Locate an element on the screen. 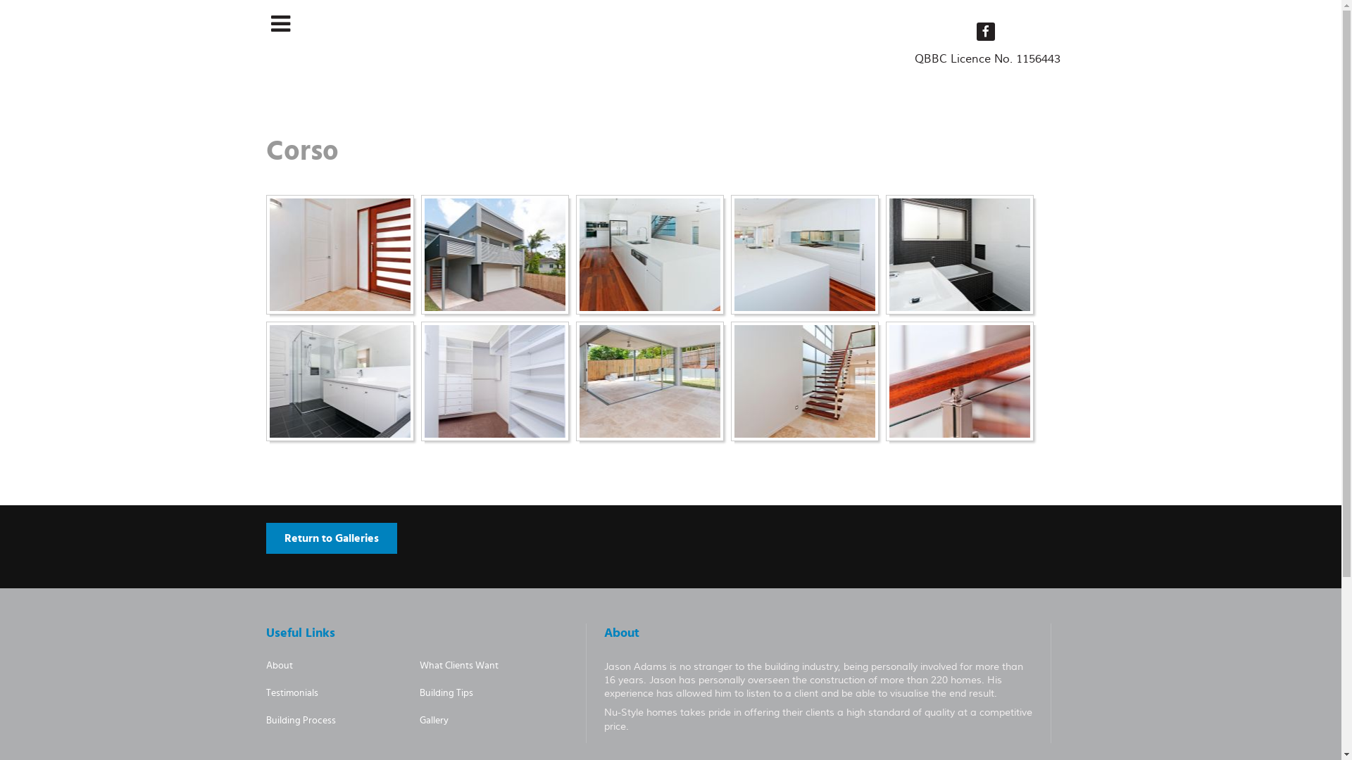 Image resolution: width=1352 pixels, height=760 pixels. 'Return to Galleries' is located at coordinates (266, 538).